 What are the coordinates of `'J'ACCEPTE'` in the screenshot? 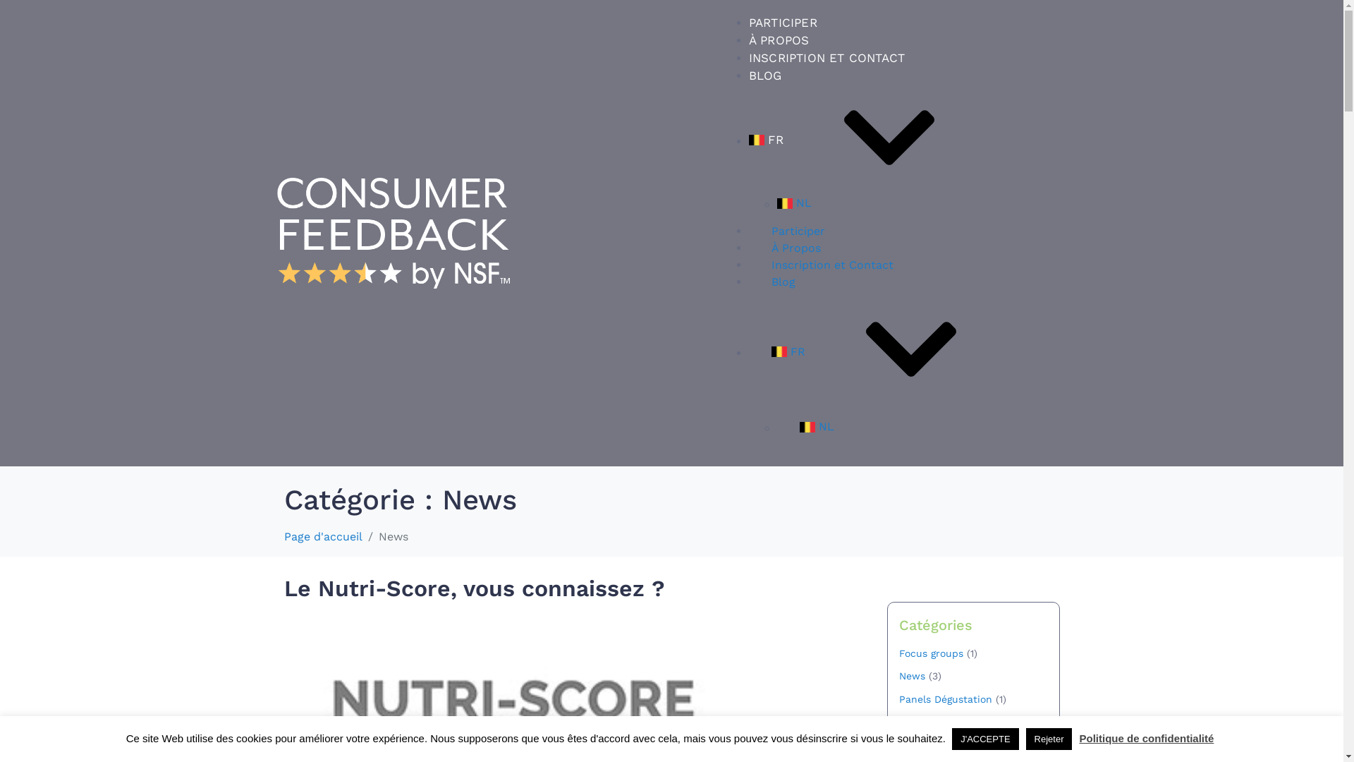 It's located at (984, 738).